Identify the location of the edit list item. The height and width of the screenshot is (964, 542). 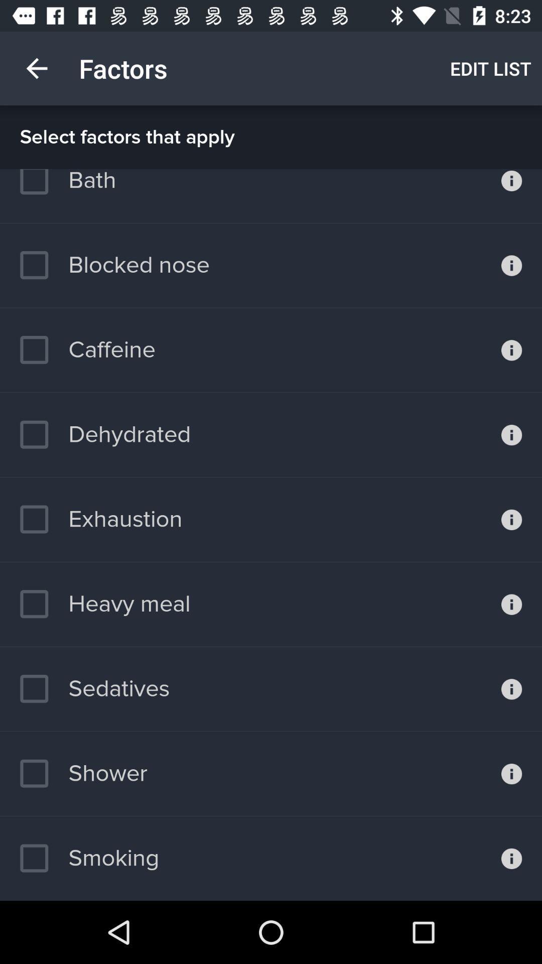
(490, 68).